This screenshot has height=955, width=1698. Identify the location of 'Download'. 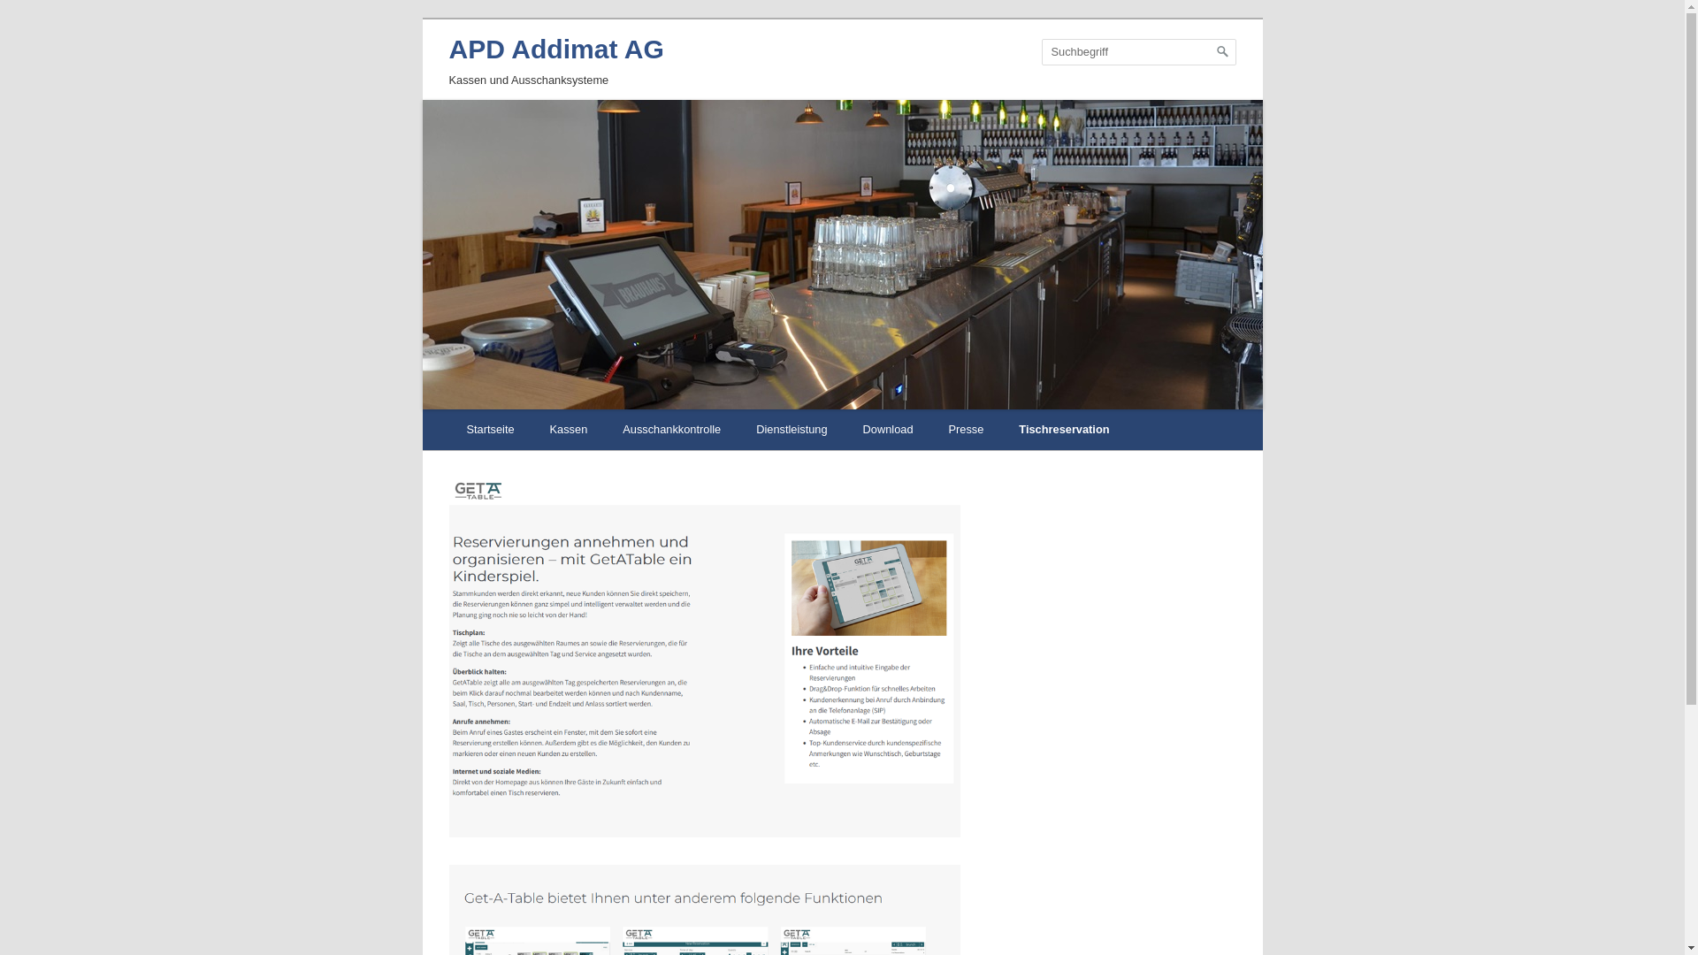
(888, 430).